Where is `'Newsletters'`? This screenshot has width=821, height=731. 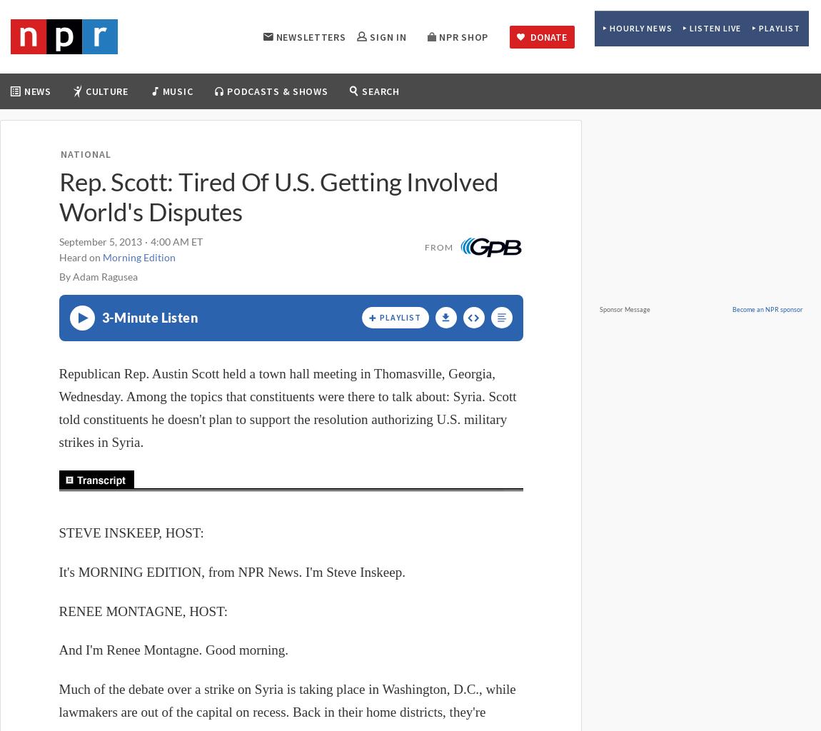
'Newsletters' is located at coordinates (311, 35).